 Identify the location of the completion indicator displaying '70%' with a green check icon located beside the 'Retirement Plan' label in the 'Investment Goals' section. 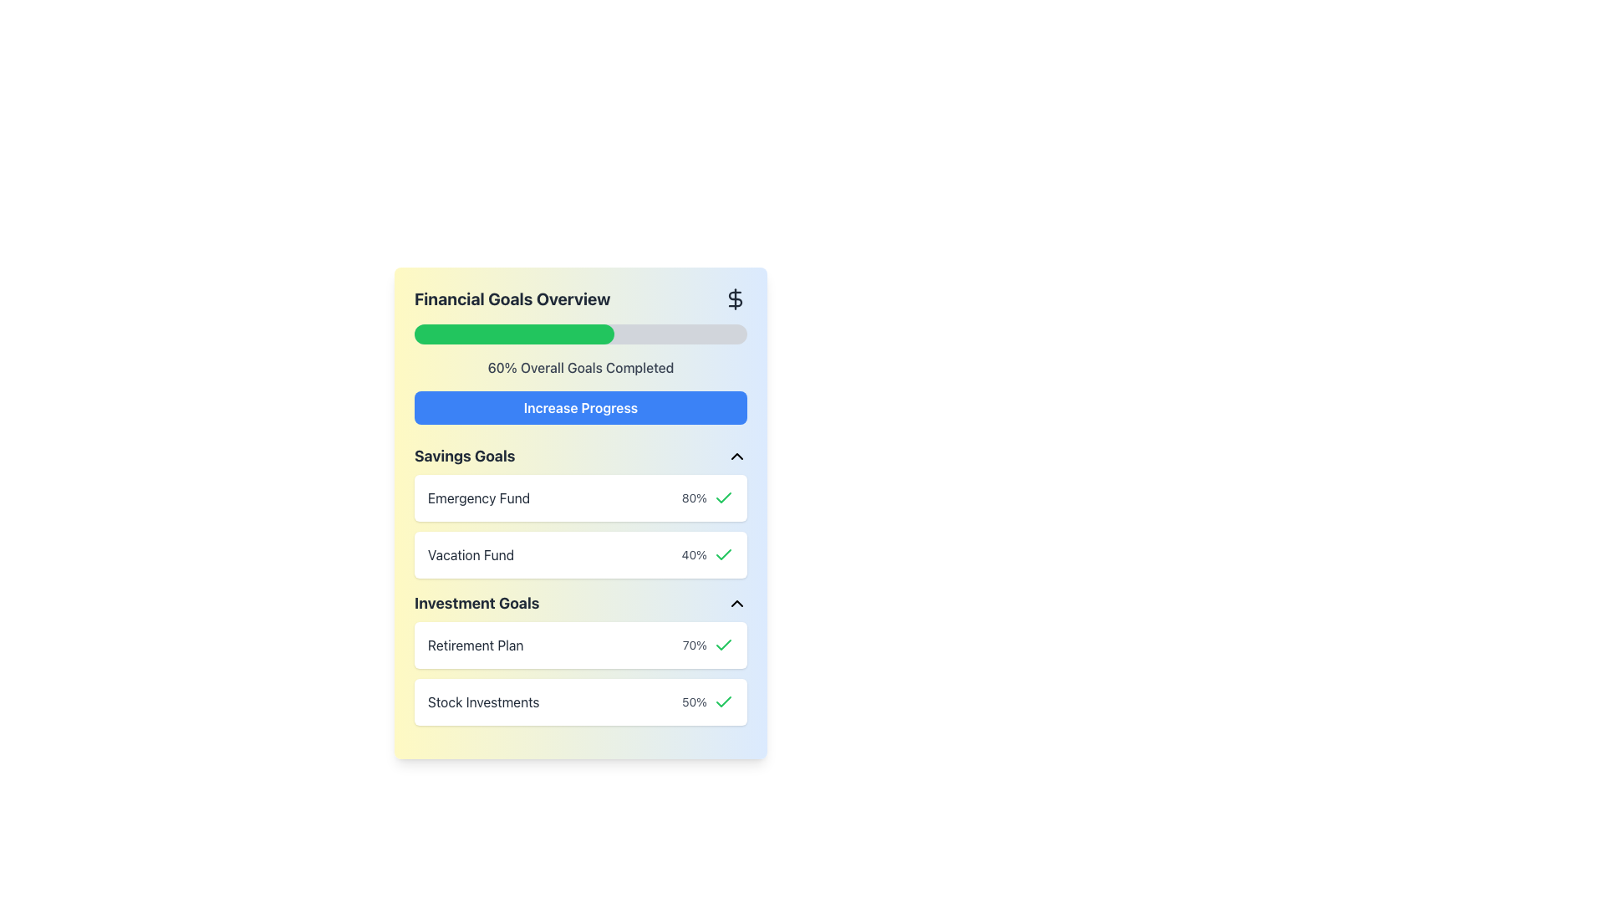
(708, 644).